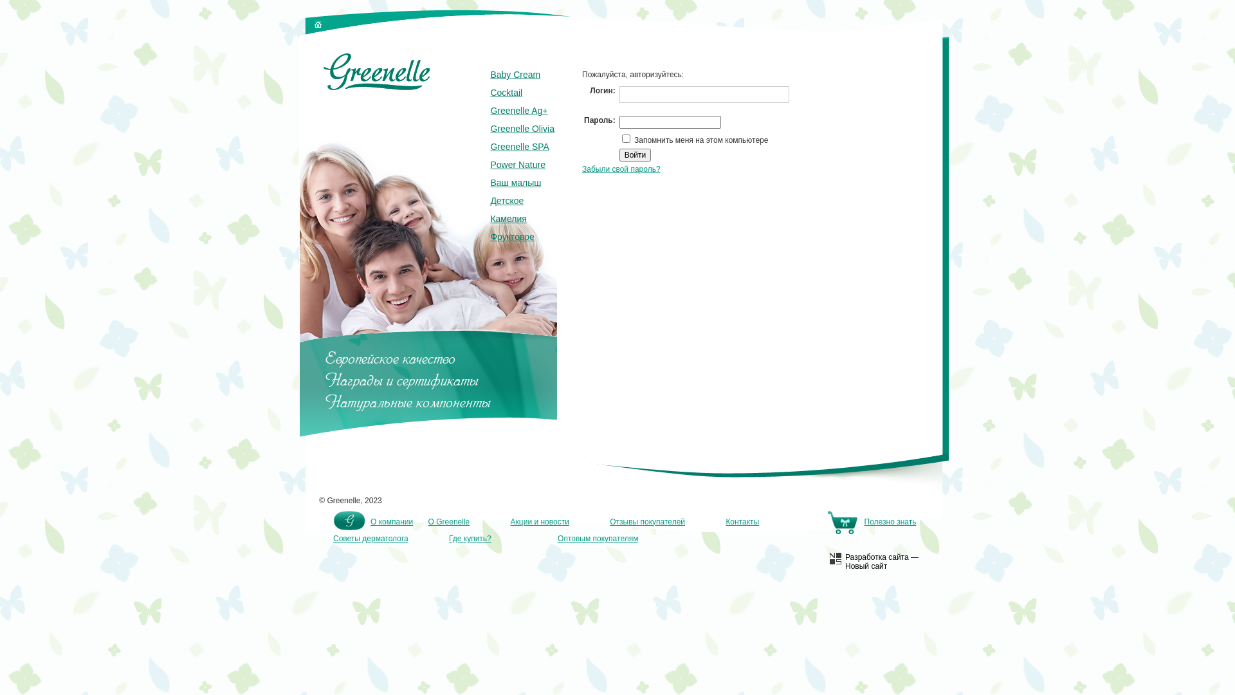 The image size is (1235, 695). Describe the element at coordinates (522, 163) in the screenshot. I see `'Power Nature'` at that location.